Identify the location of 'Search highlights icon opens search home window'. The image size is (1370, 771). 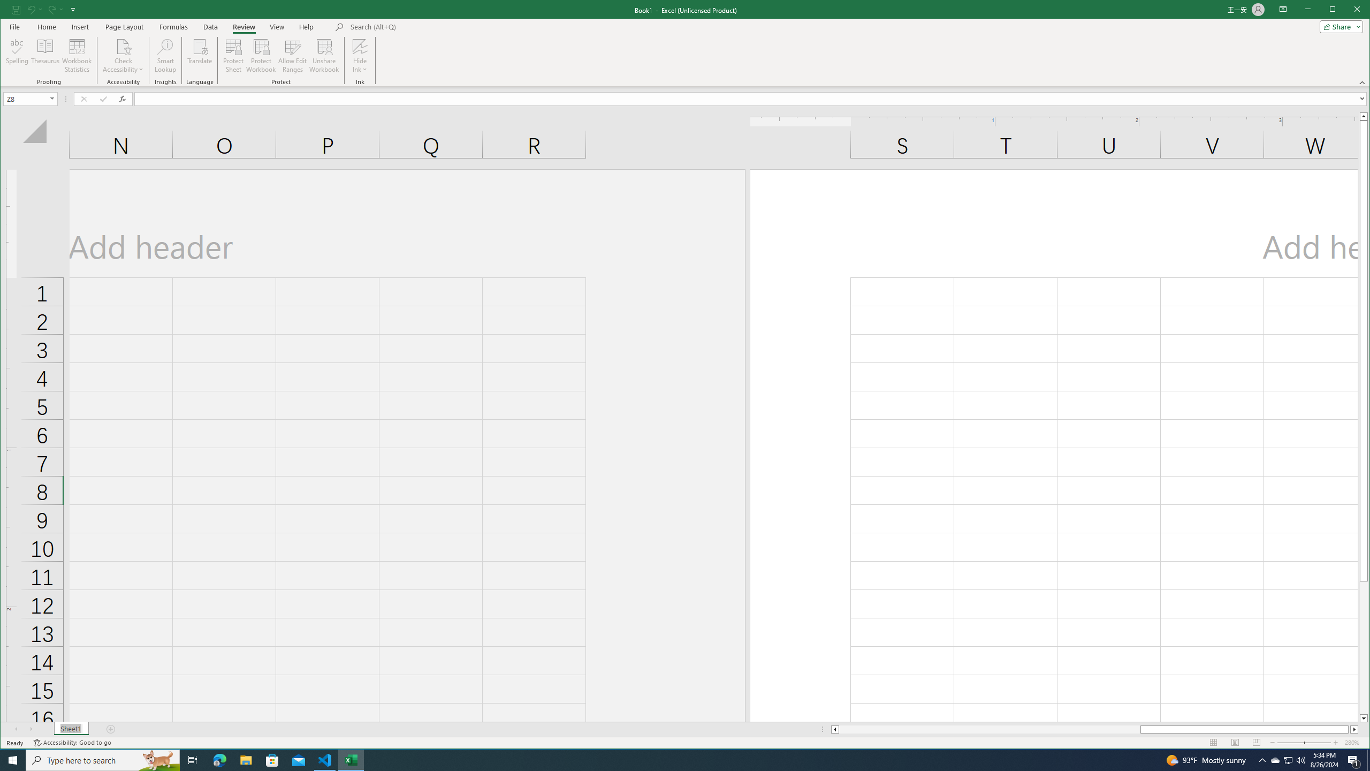
(157, 759).